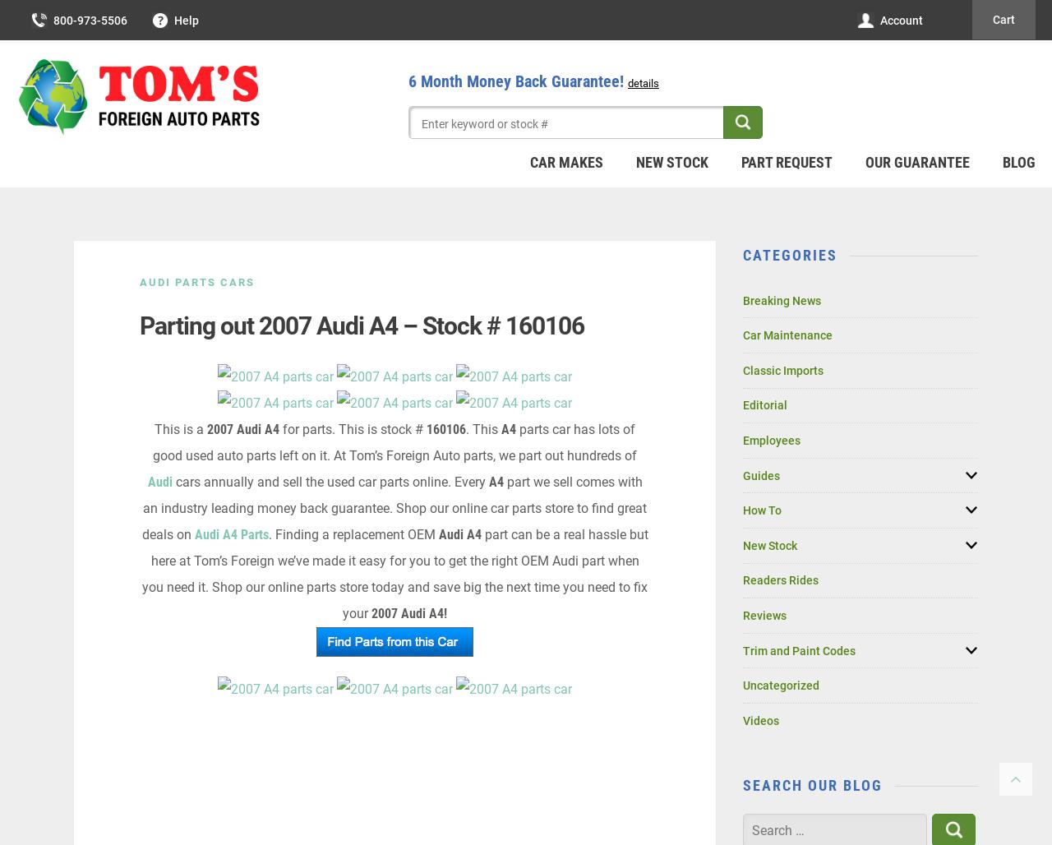 The height and width of the screenshot is (845, 1052). What do you see at coordinates (394, 442) in the screenshot?
I see `'parts car has lots of good used auto parts left on it. At Tom’s Foreign Auto parts, we part out hundreds of'` at bounding box center [394, 442].